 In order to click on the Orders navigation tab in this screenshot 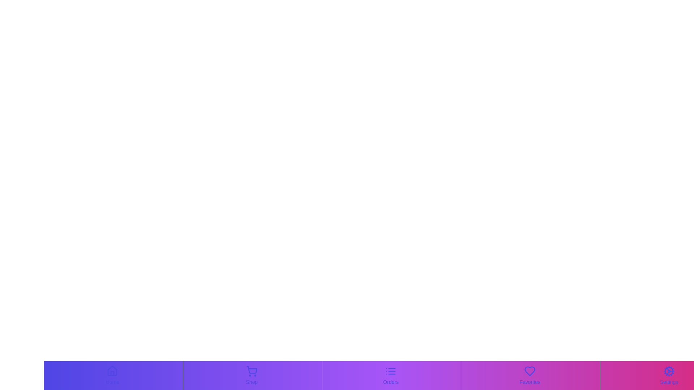, I will do `click(390, 375)`.